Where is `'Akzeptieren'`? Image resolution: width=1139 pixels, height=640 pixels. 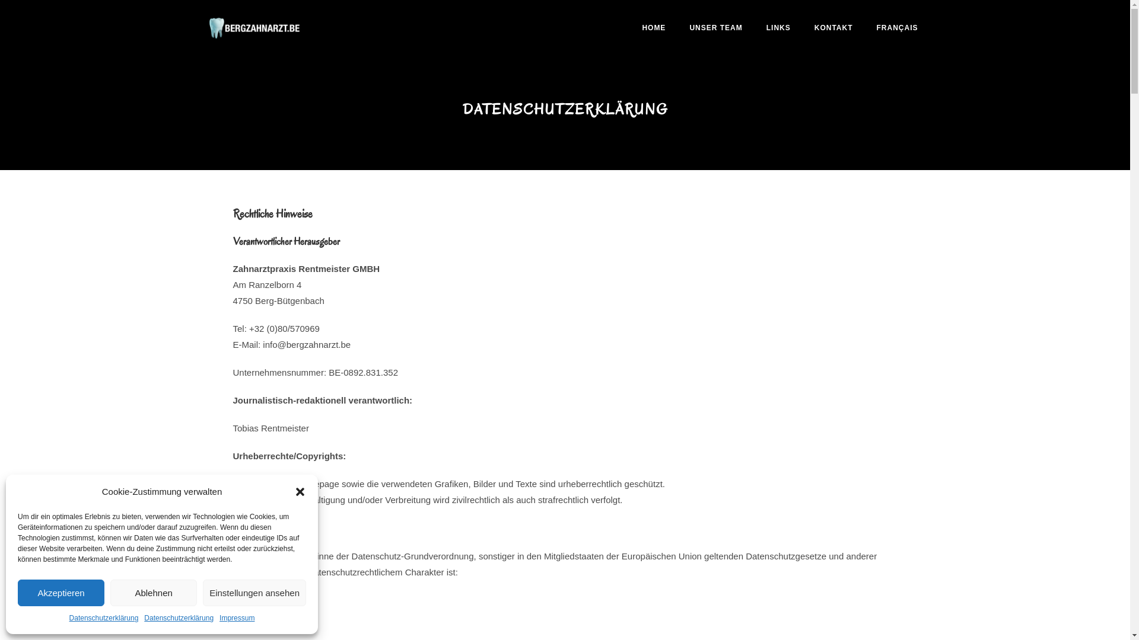 'Akzeptieren' is located at coordinates (60, 593).